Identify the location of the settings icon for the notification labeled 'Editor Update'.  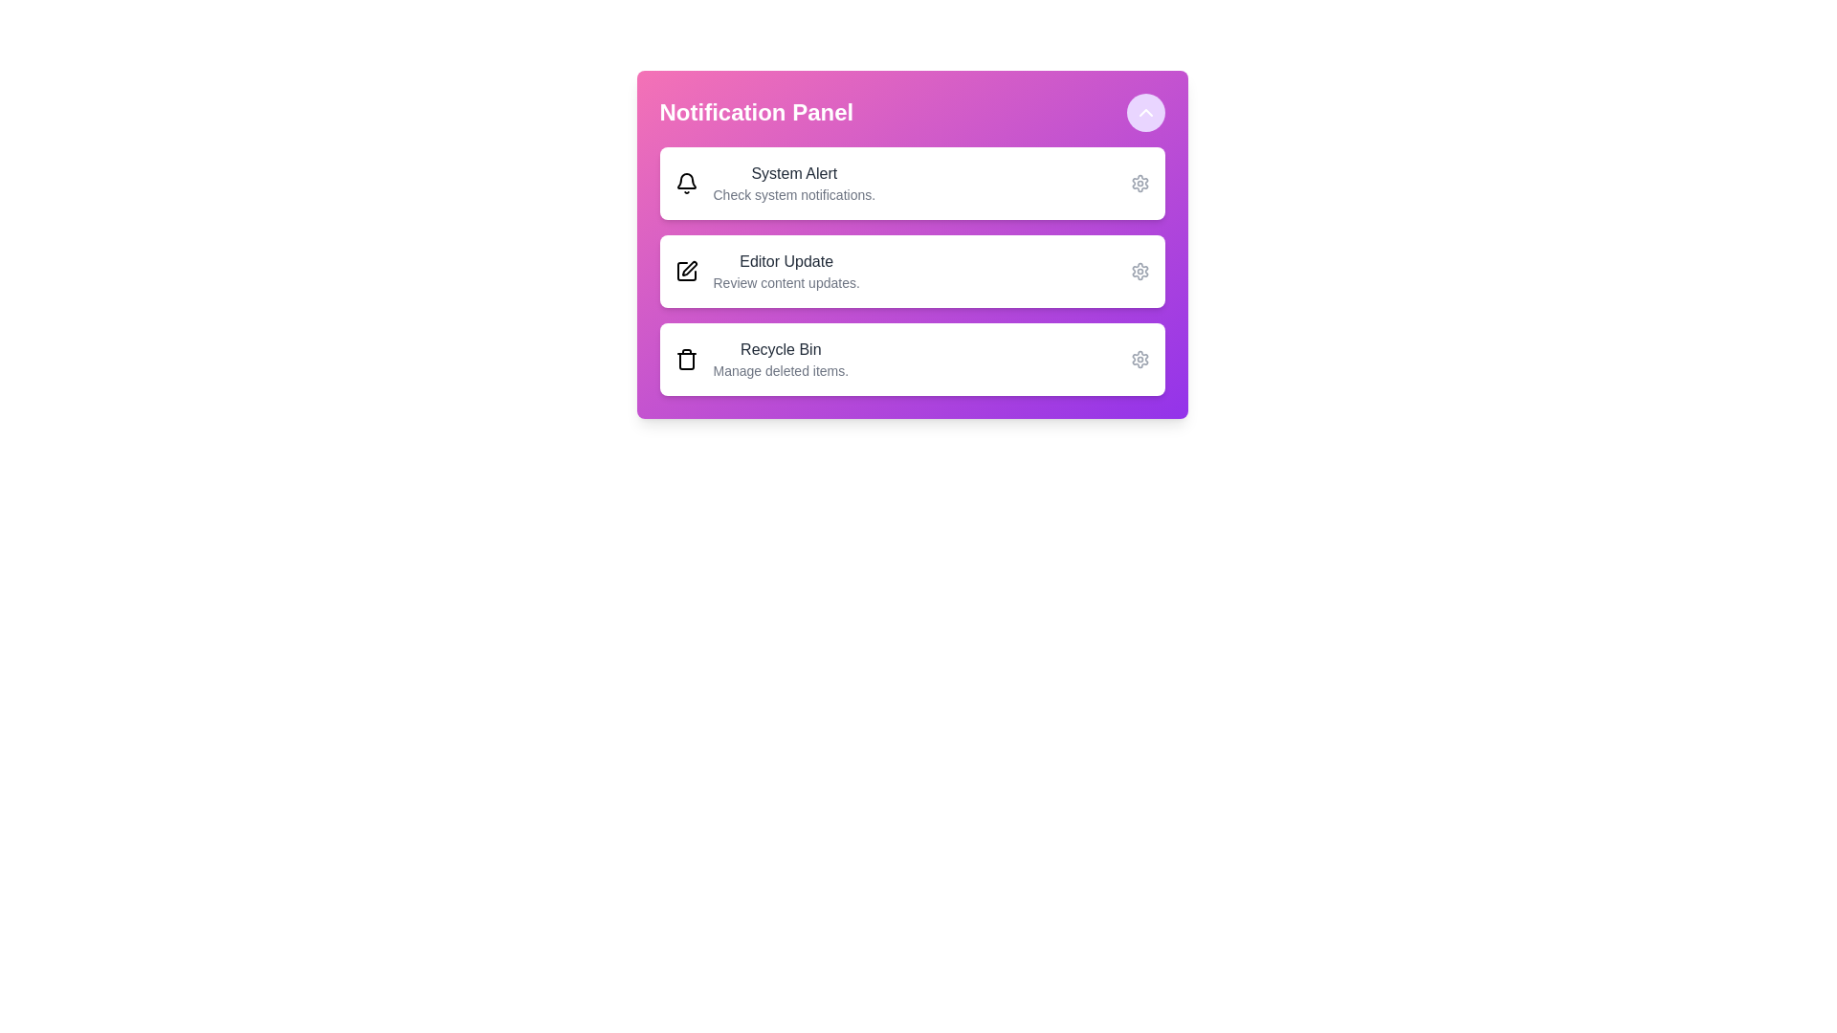
(1140, 272).